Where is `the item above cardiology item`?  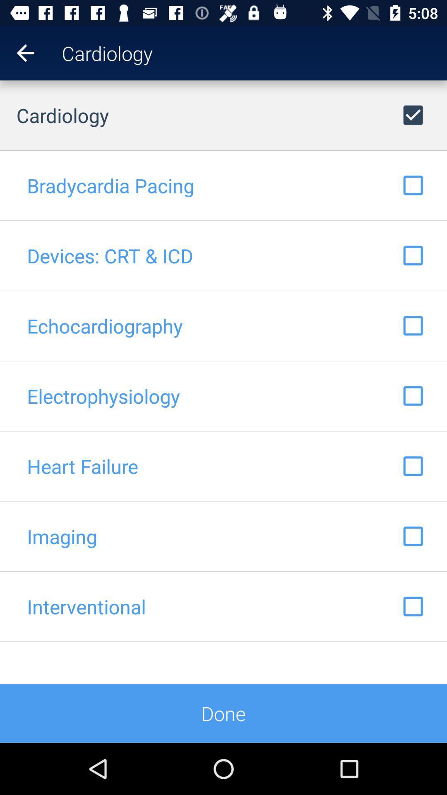
the item above cardiology item is located at coordinates (17, 53).